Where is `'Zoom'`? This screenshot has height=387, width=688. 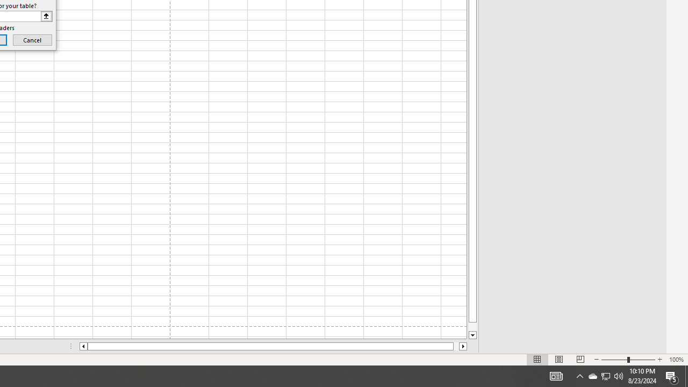 'Zoom' is located at coordinates (628, 360).